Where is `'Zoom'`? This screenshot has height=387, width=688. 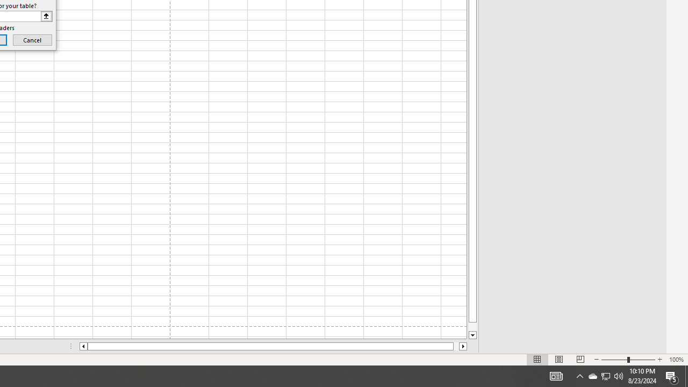 'Zoom' is located at coordinates (628, 360).